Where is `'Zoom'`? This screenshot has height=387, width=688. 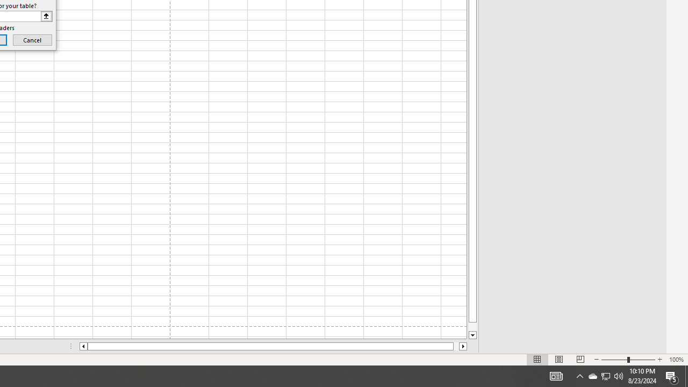 'Zoom' is located at coordinates (628, 360).